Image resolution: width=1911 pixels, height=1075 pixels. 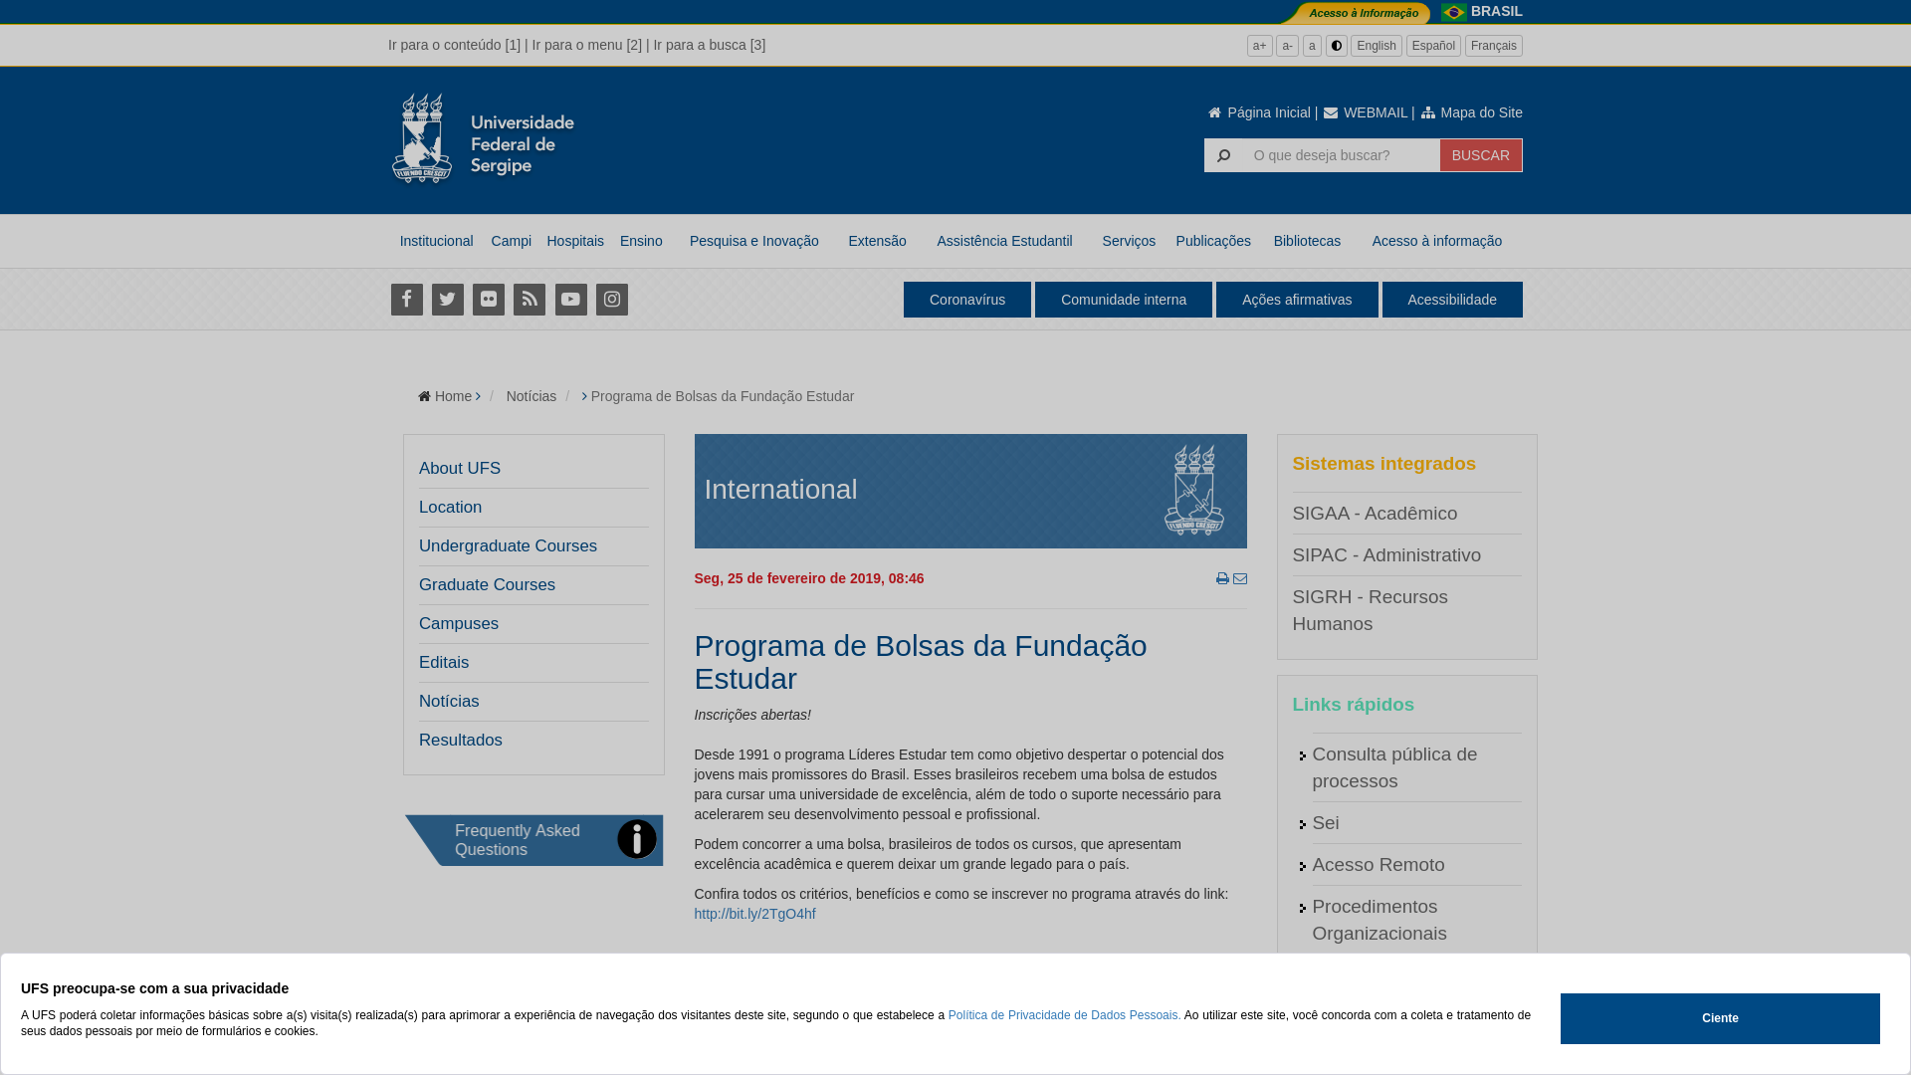 I want to click on 'Procedimentos Organizacionais', so click(x=1378, y=920).